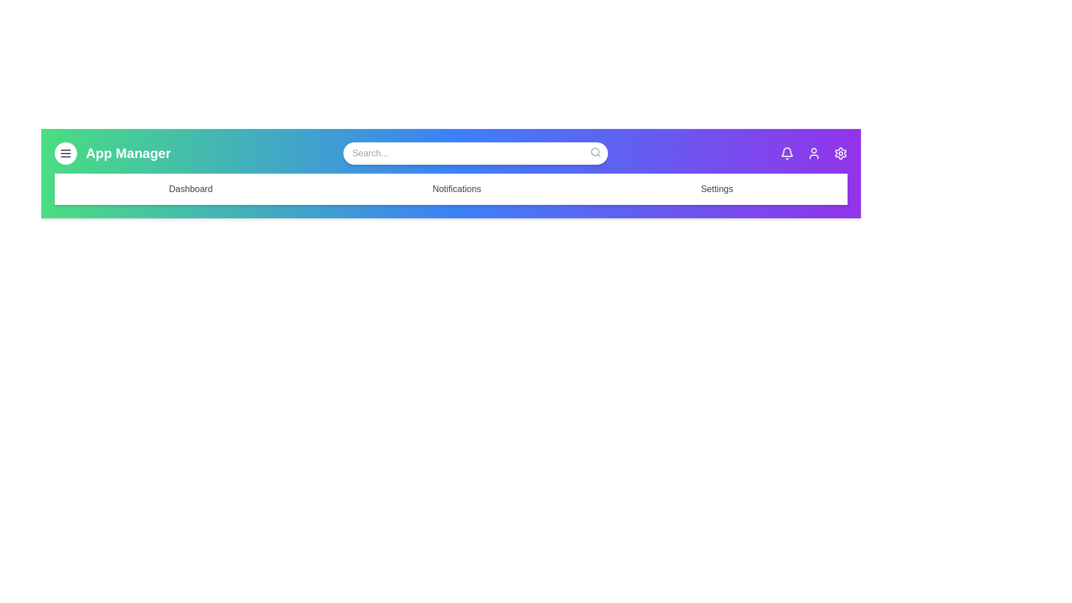  I want to click on the menu link Notifications, so click(457, 189).